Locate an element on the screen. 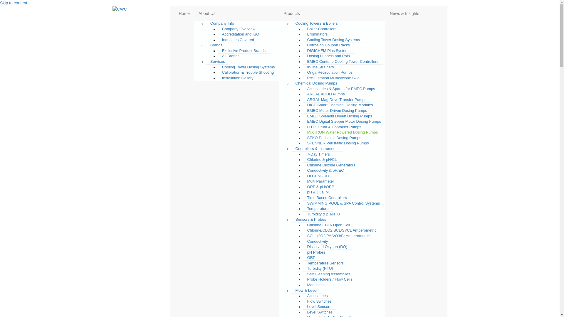 This screenshot has height=317, width=564. 'DICE Smart Chemical Dosing Modules' is located at coordinates (340, 105).